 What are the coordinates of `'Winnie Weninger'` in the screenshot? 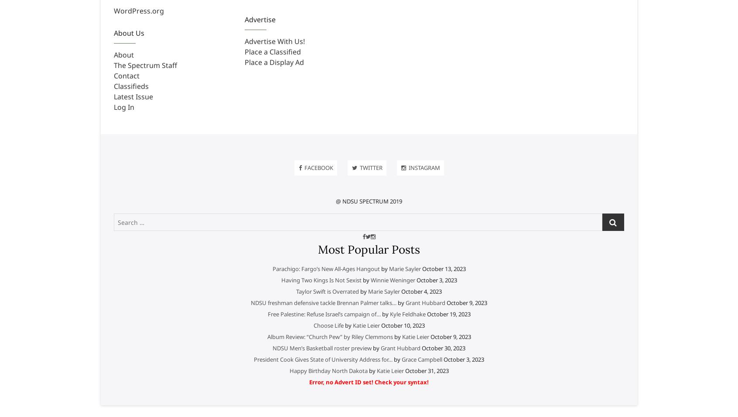 It's located at (392, 280).